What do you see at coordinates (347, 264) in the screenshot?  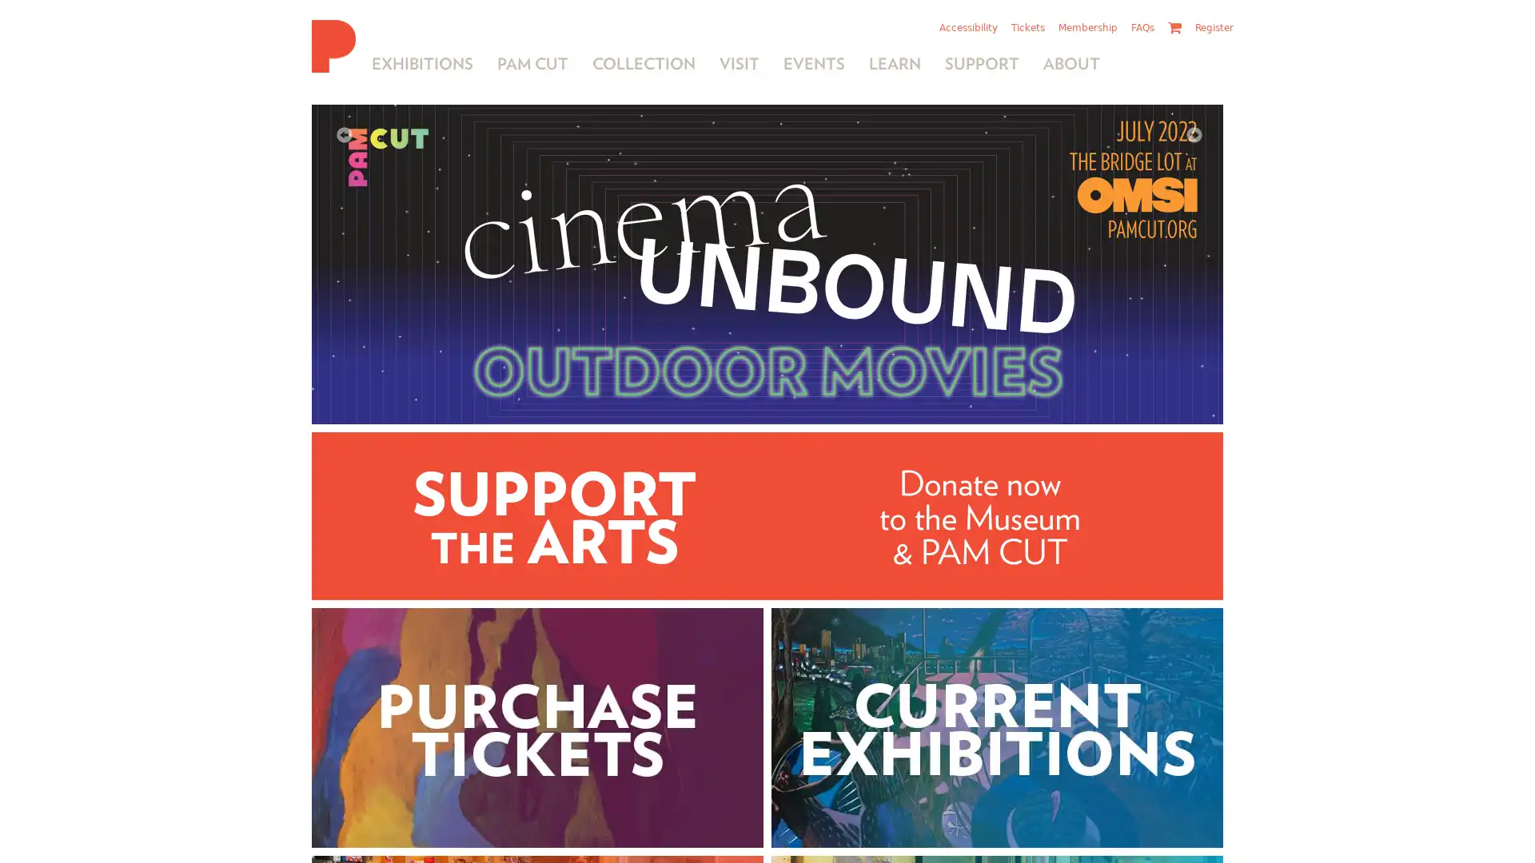 I see `Previous` at bounding box center [347, 264].